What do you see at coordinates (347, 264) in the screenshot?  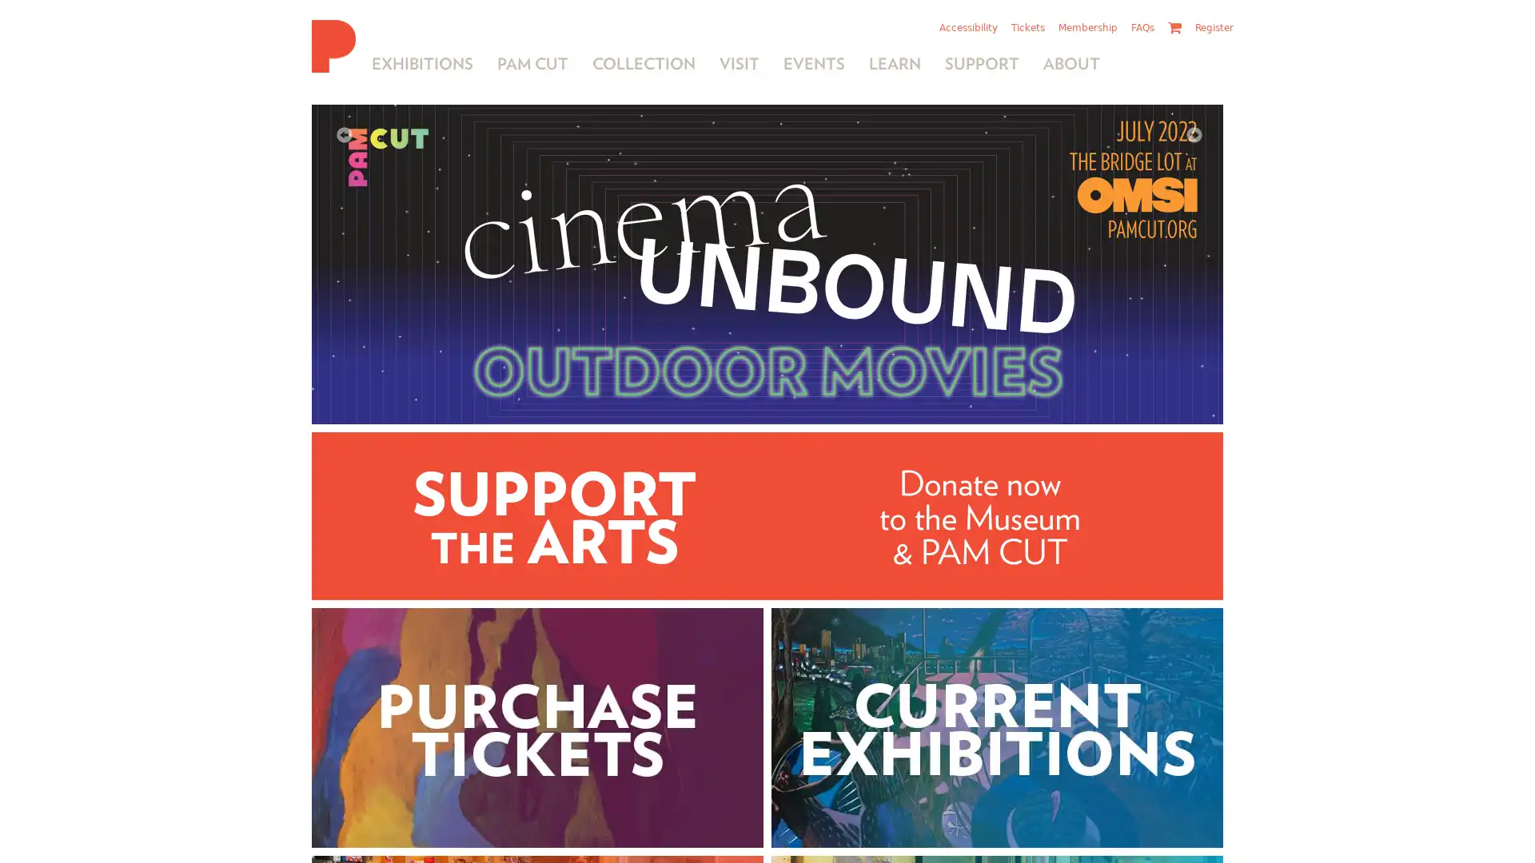 I see `Previous` at bounding box center [347, 264].